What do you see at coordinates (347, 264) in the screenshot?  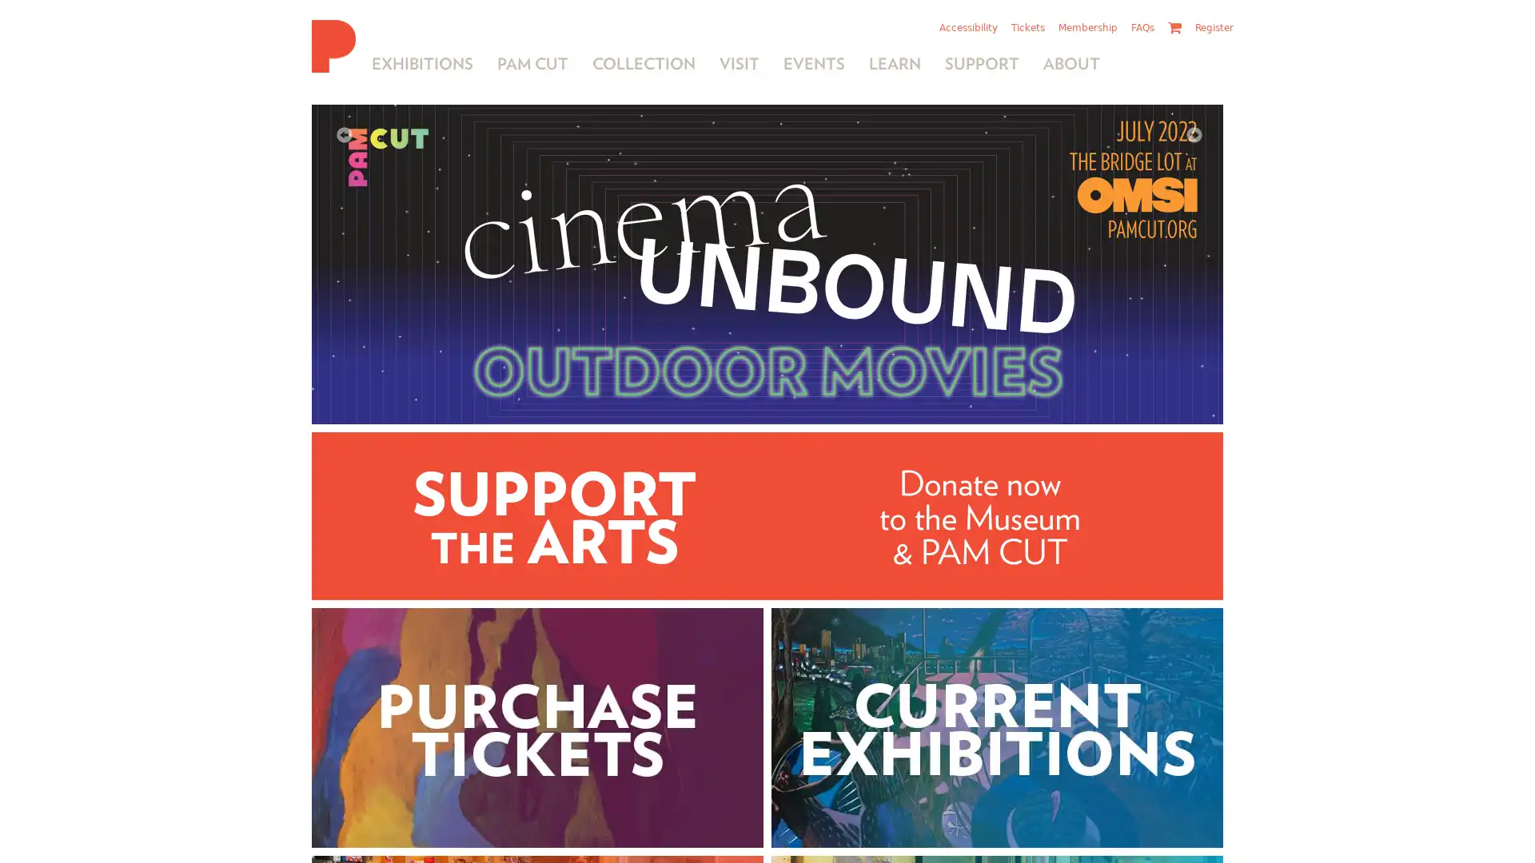 I see `Previous` at bounding box center [347, 264].